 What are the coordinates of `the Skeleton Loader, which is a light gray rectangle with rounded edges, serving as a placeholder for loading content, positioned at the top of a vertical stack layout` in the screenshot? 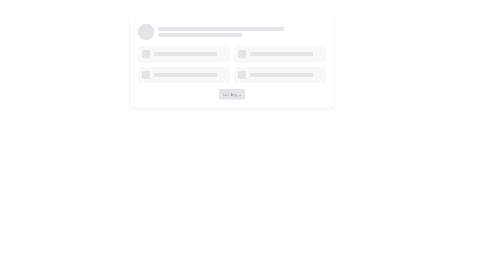 It's located at (221, 28).